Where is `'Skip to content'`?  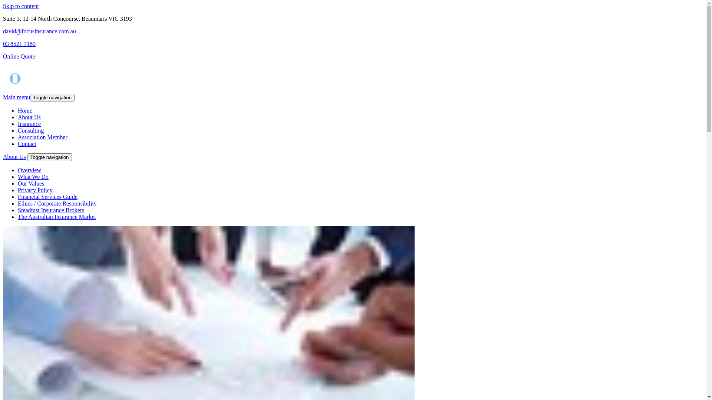 'Skip to content' is located at coordinates (21, 6).